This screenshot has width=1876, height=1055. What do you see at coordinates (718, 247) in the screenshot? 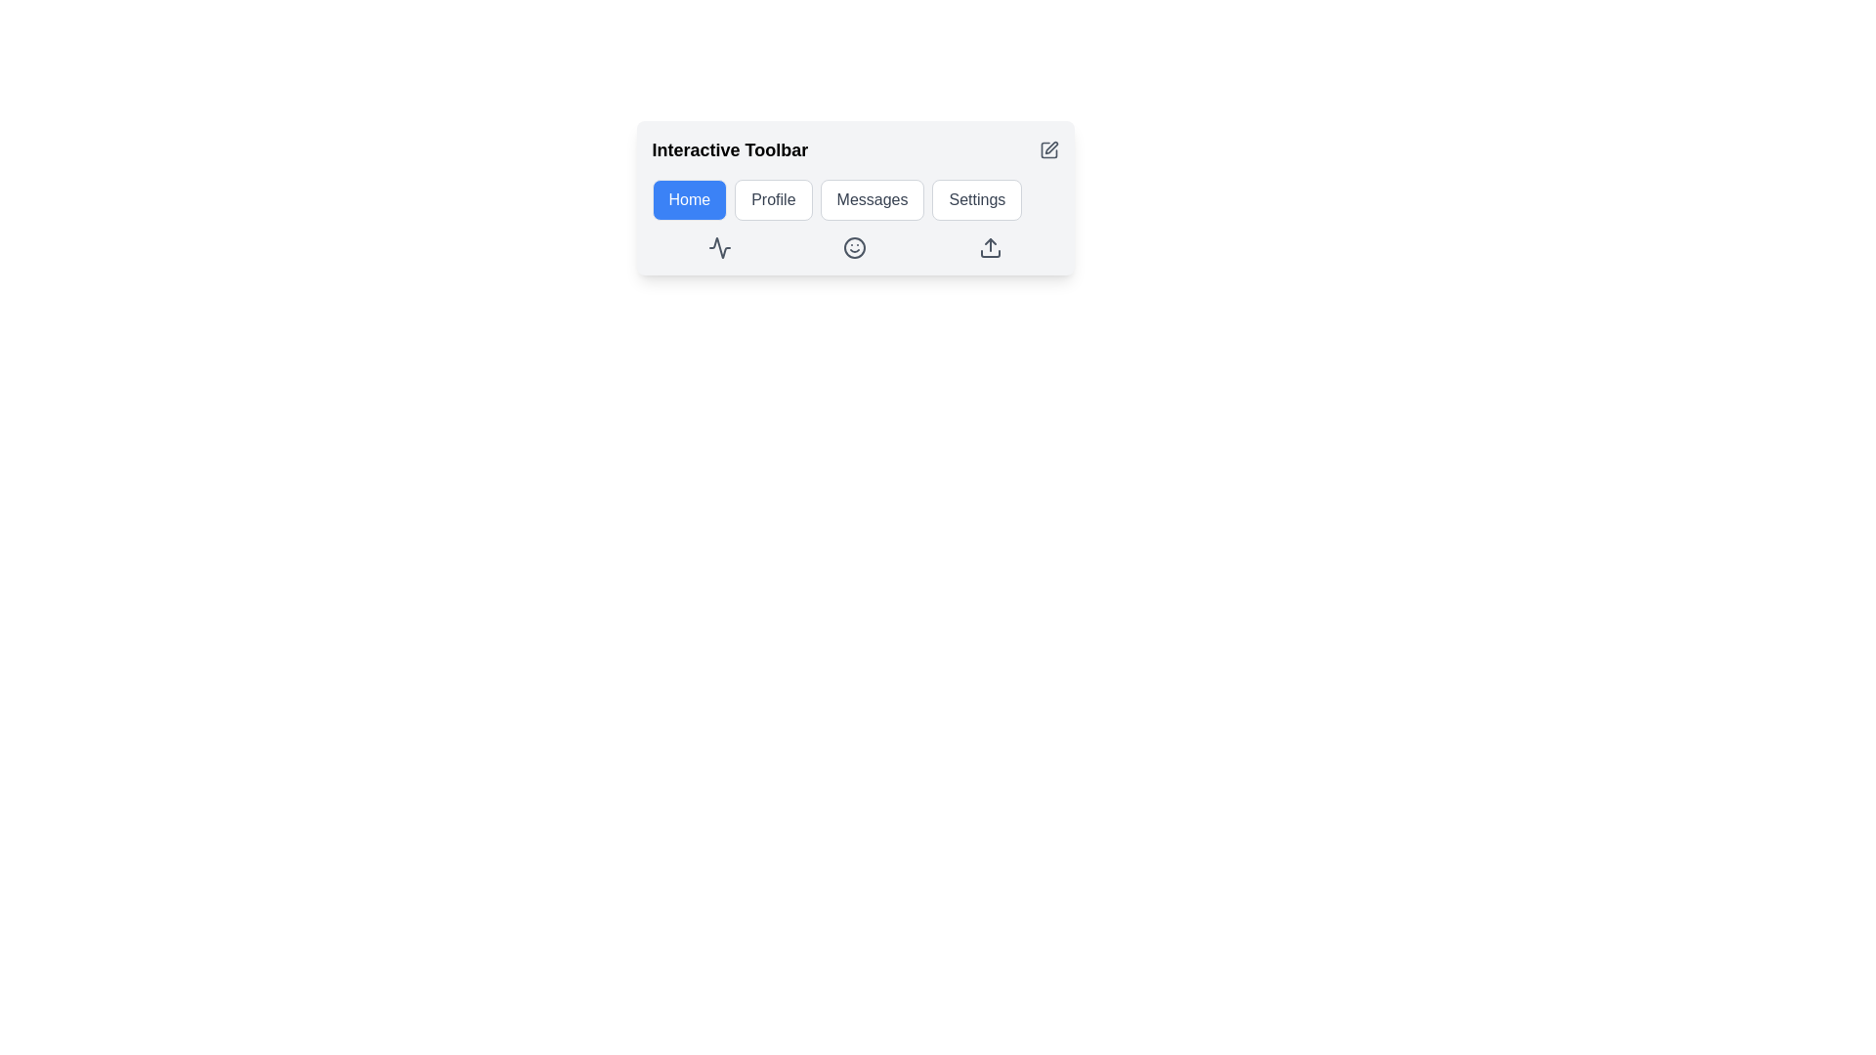
I see `the interactive visual indicator icon, which is the first icon from the left in the lower row of the toolbar, aligned horizontally with the 'Home' and 'Profile' buttons` at bounding box center [718, 247].